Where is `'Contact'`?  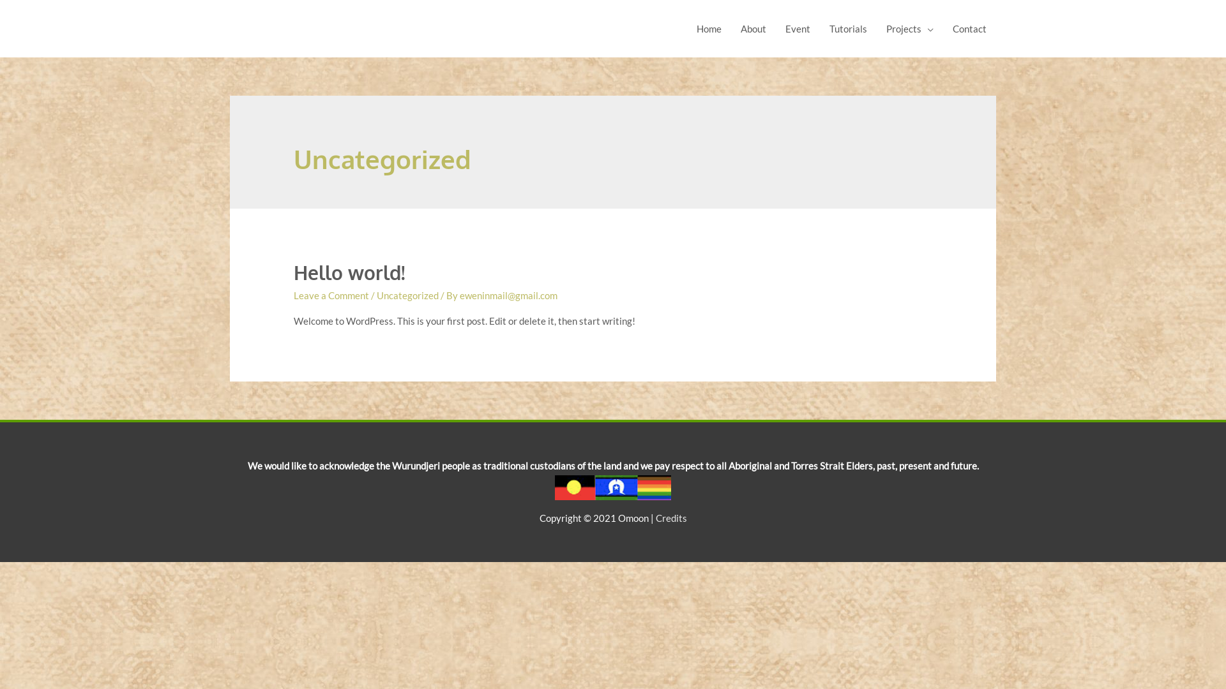 'Contact' is located at coordinates (969, 29).